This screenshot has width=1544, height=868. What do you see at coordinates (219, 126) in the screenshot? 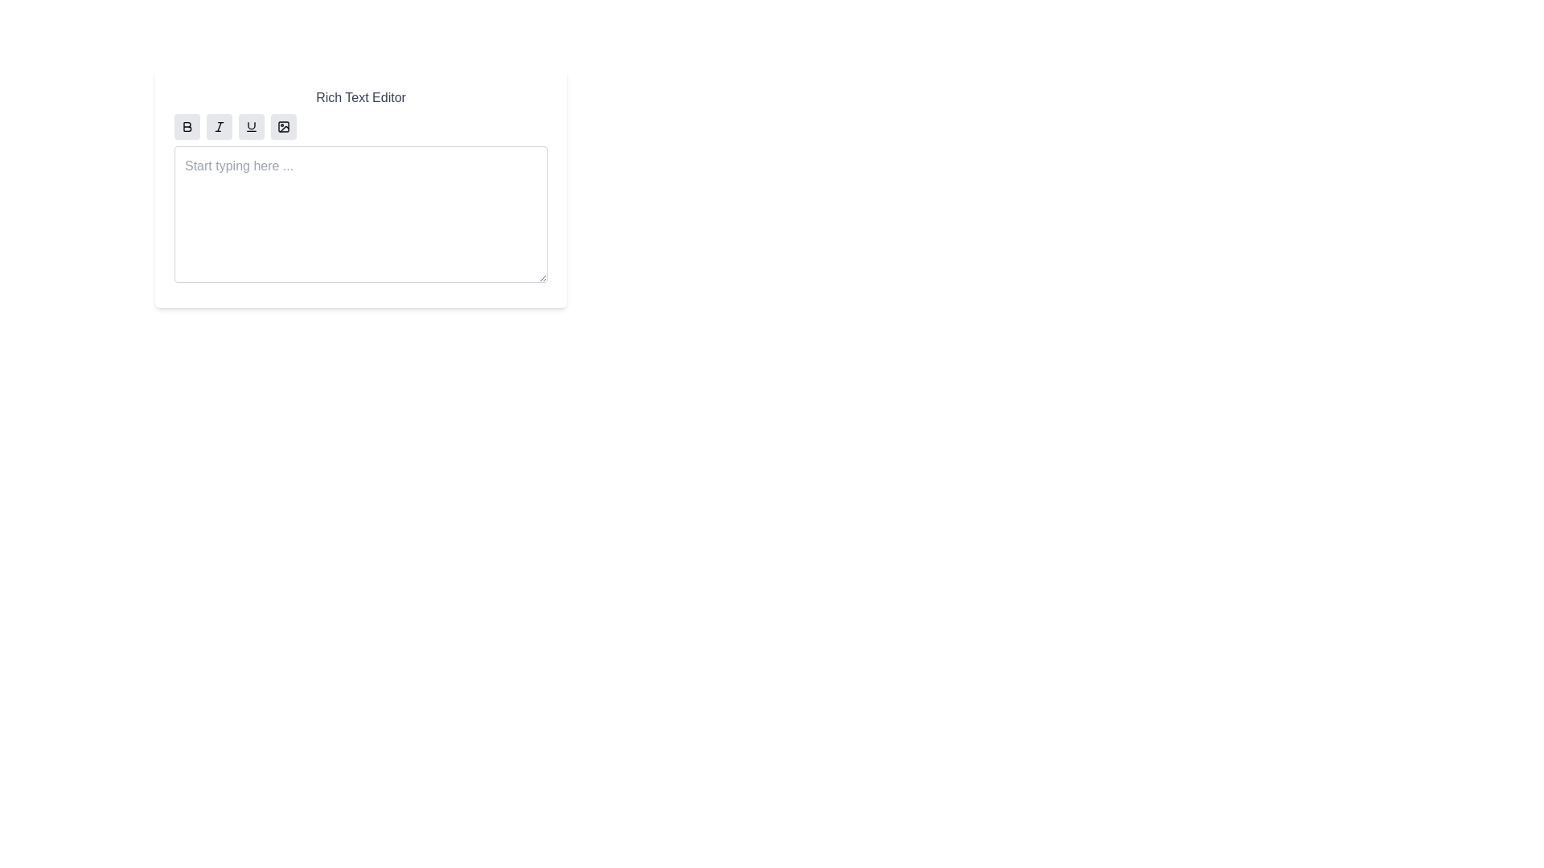
I see `the button icon resembling an italicized letter 'I' in the toolbar of the rich text editor` at bounding box center [219, 126].